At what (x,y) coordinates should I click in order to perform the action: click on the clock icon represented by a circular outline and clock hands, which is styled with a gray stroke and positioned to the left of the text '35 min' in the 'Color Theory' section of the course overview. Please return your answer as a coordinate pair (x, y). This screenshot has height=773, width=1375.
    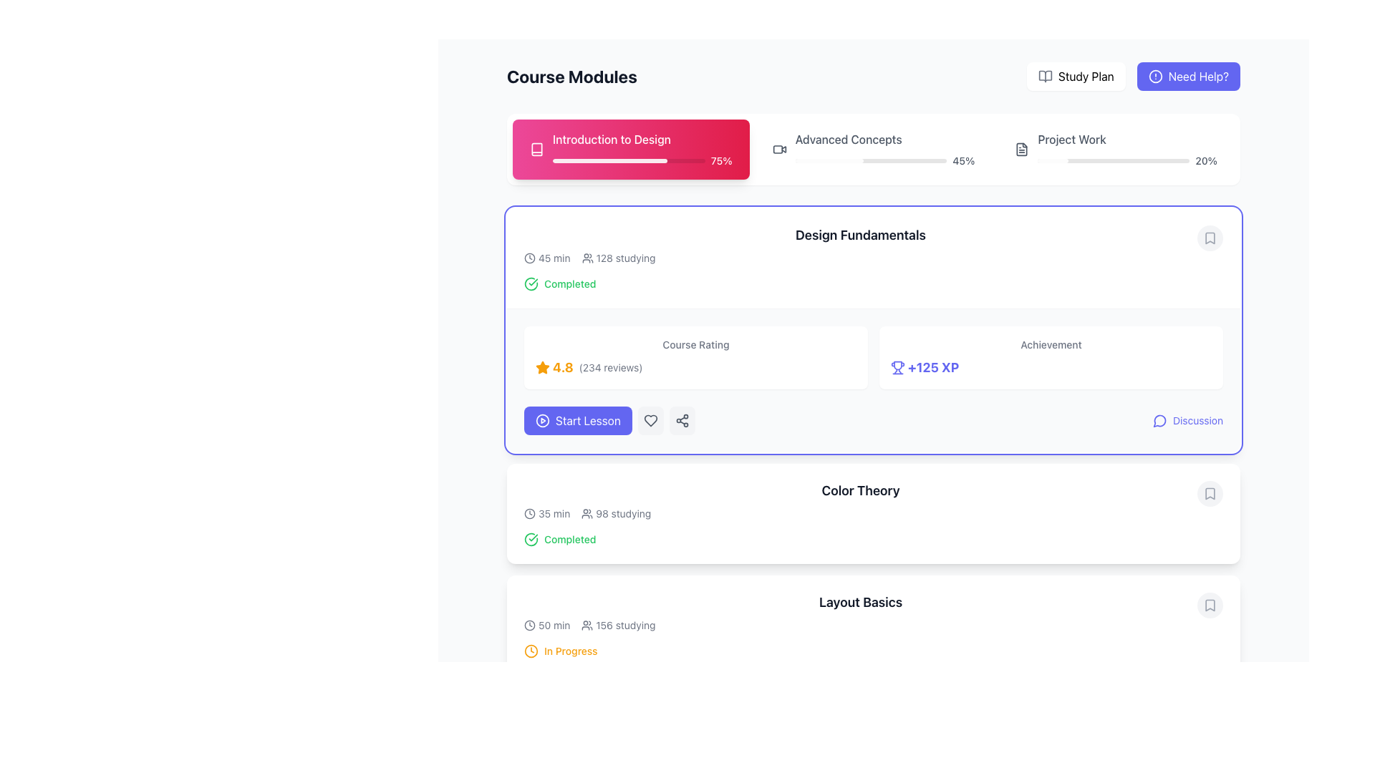
    Looking at the image, I should click on (529, 512).